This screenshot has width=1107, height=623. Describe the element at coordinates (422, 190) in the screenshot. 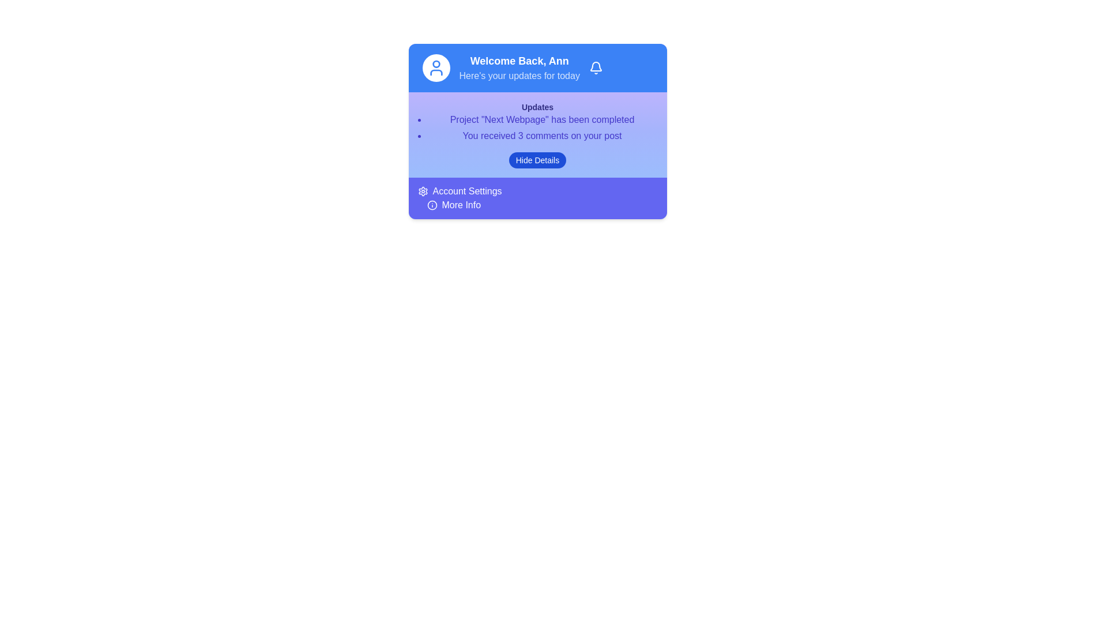

I see `the settings icon, which is the first element in the horizontal arrangement of components, to potentially open the settings menu` at that location.